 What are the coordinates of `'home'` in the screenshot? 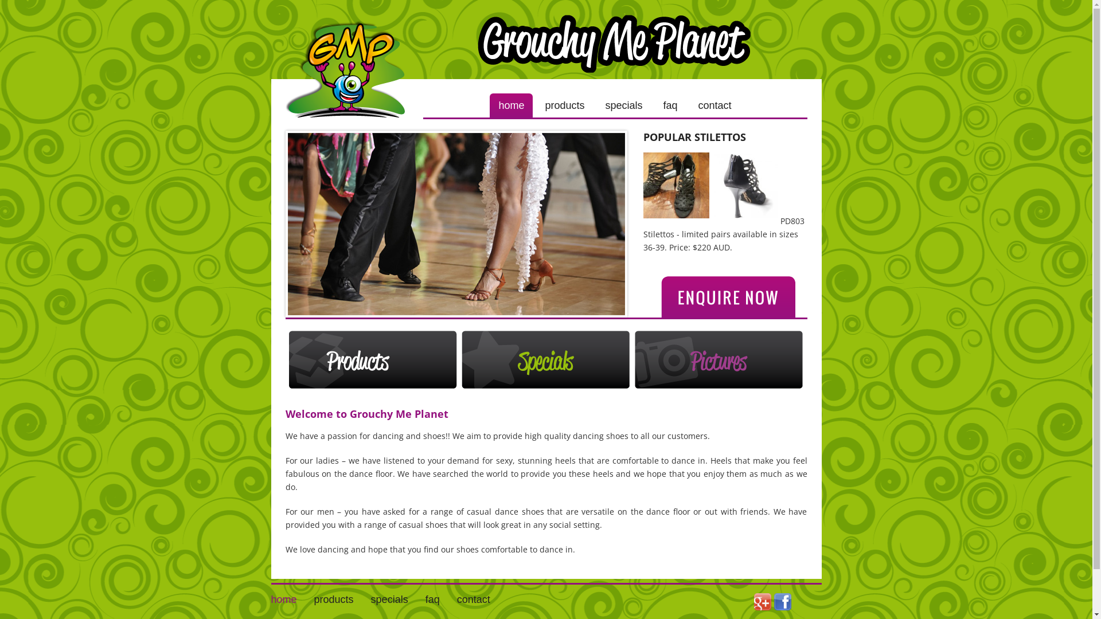 It's located at (283, 598).